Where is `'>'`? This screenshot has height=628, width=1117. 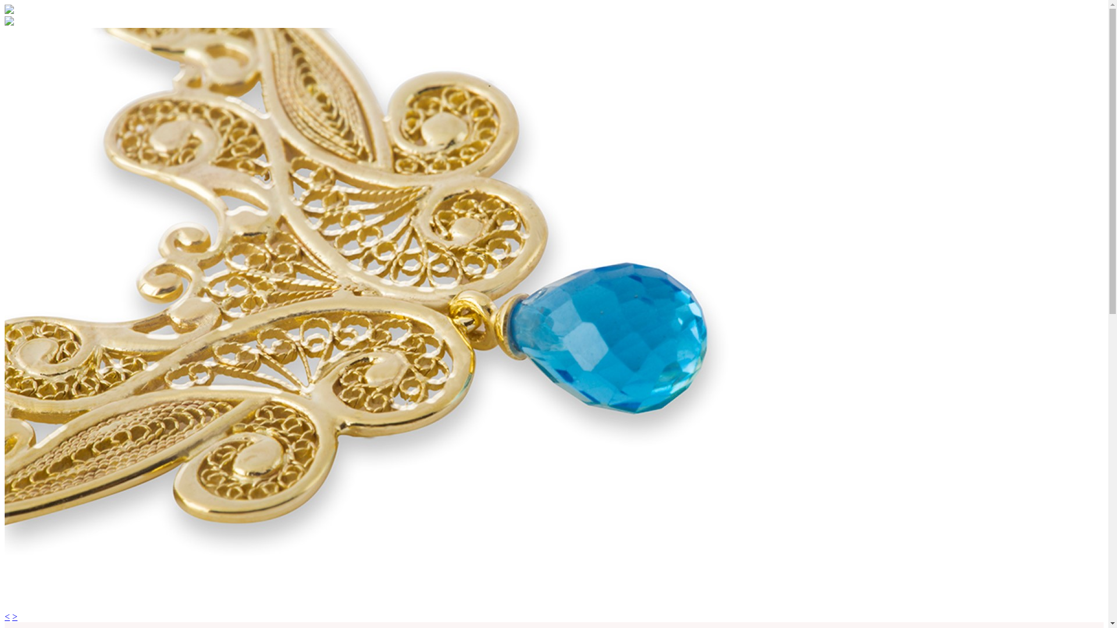 '>' is located at coordinates (15, 616).